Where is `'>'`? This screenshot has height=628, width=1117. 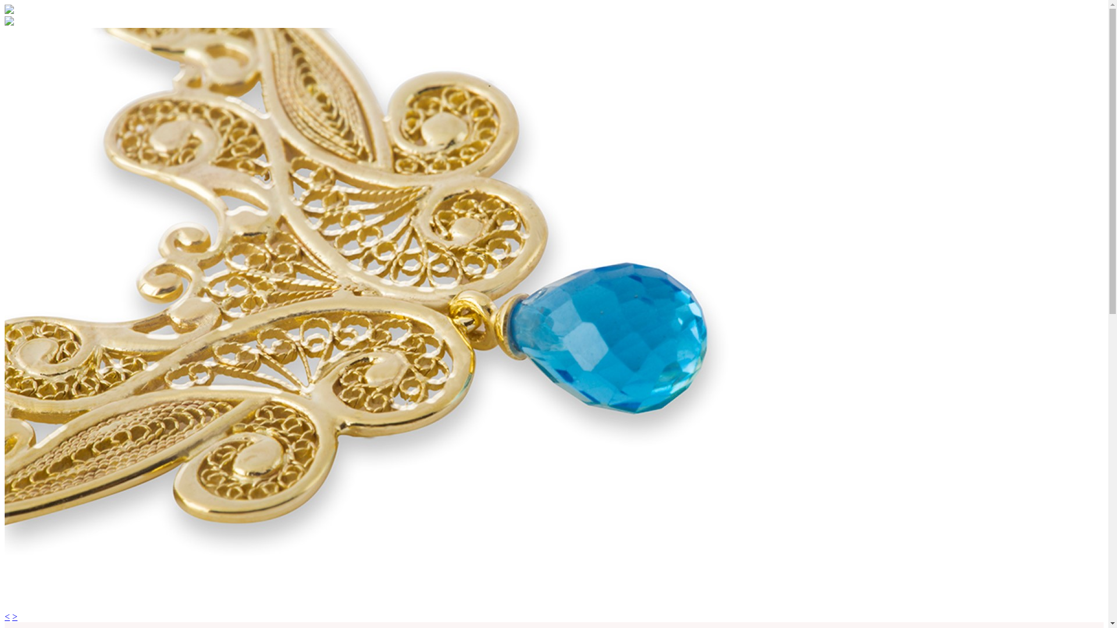 '>' is located at coordinates (15, 616).